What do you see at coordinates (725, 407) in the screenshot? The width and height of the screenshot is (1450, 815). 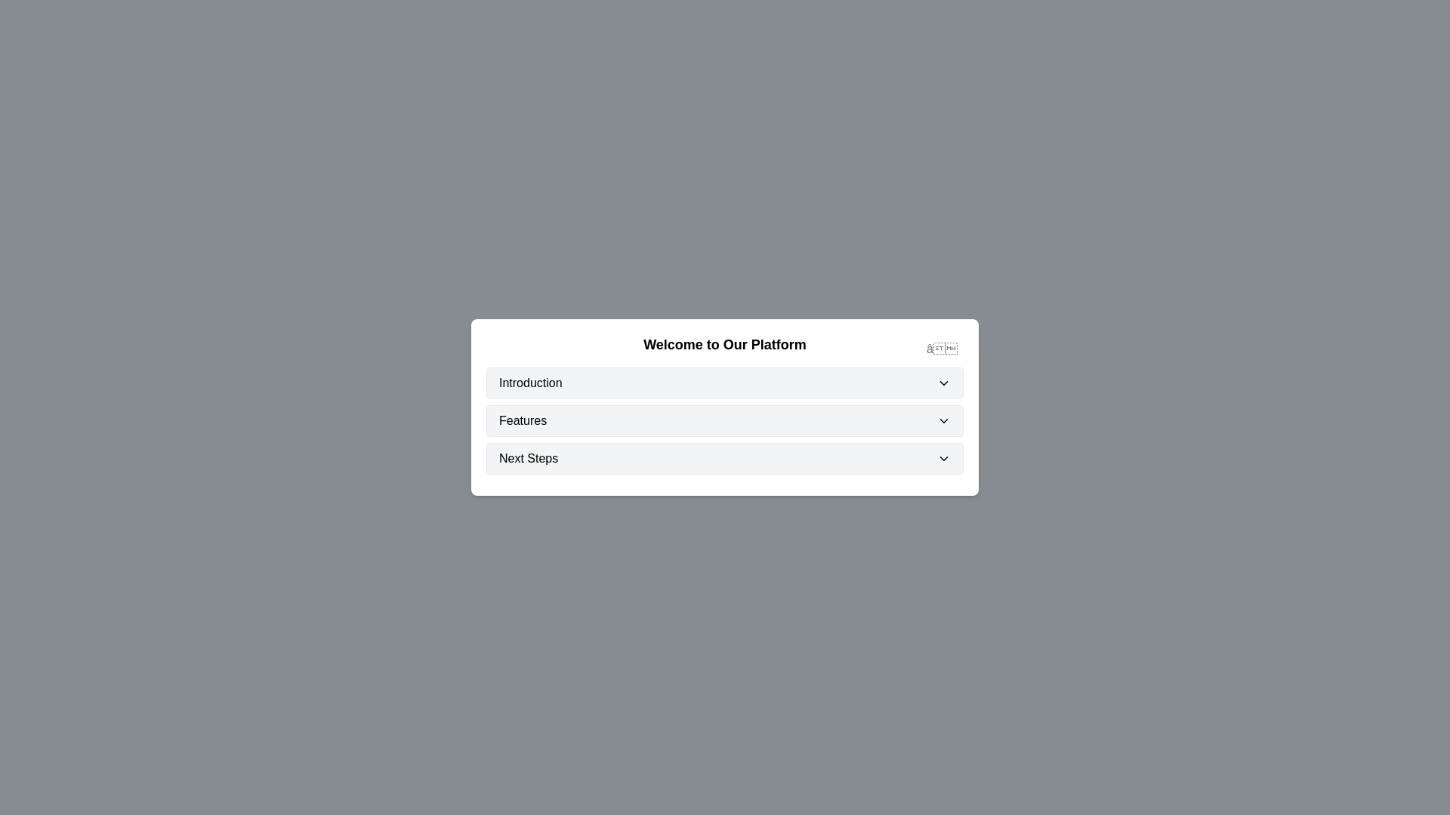 I see `the Modal with nested dropdown fields` at bounding box center [725, 407].